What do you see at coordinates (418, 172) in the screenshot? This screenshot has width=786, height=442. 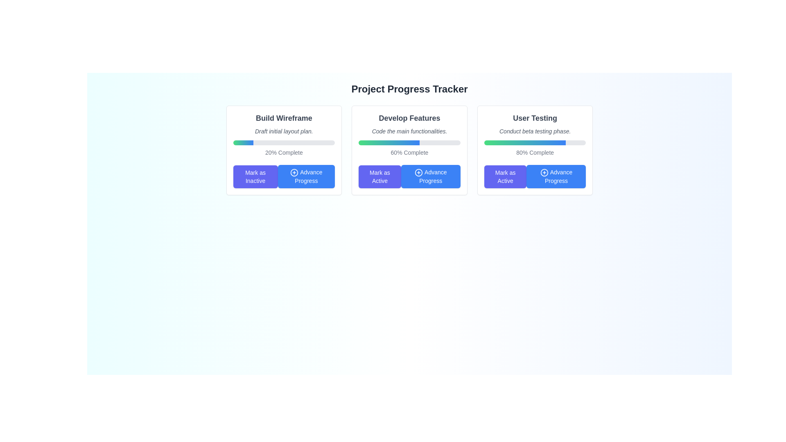 I see `the icon representing the 'Advance Progress' button on the second card titled 'Develop Features' in the 'Project Progress Tracker' section` at bounding box center [418, 172].